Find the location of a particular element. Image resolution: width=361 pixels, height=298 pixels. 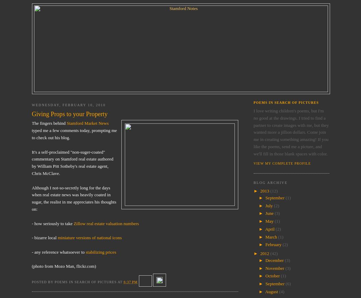

'- how seriously to take' is located at coordinates (52, 223).